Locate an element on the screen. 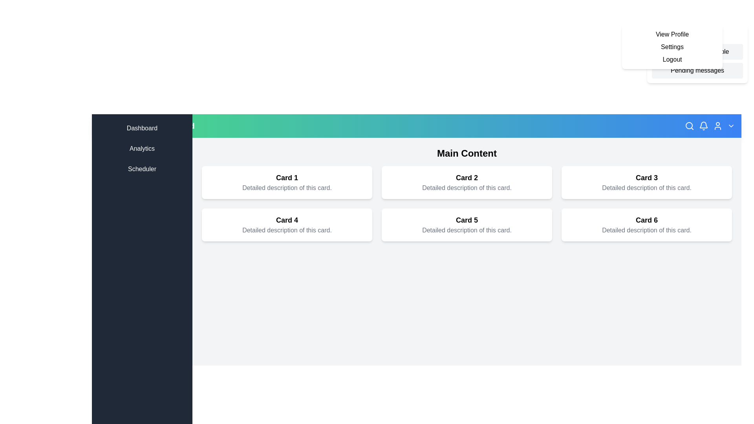 This screenshot has height=424, width=754. the descriptive text label located at the bottom of 'Card 6', which is positioned in the second row, third column of the grid layout is located at coordinates (646, 230).